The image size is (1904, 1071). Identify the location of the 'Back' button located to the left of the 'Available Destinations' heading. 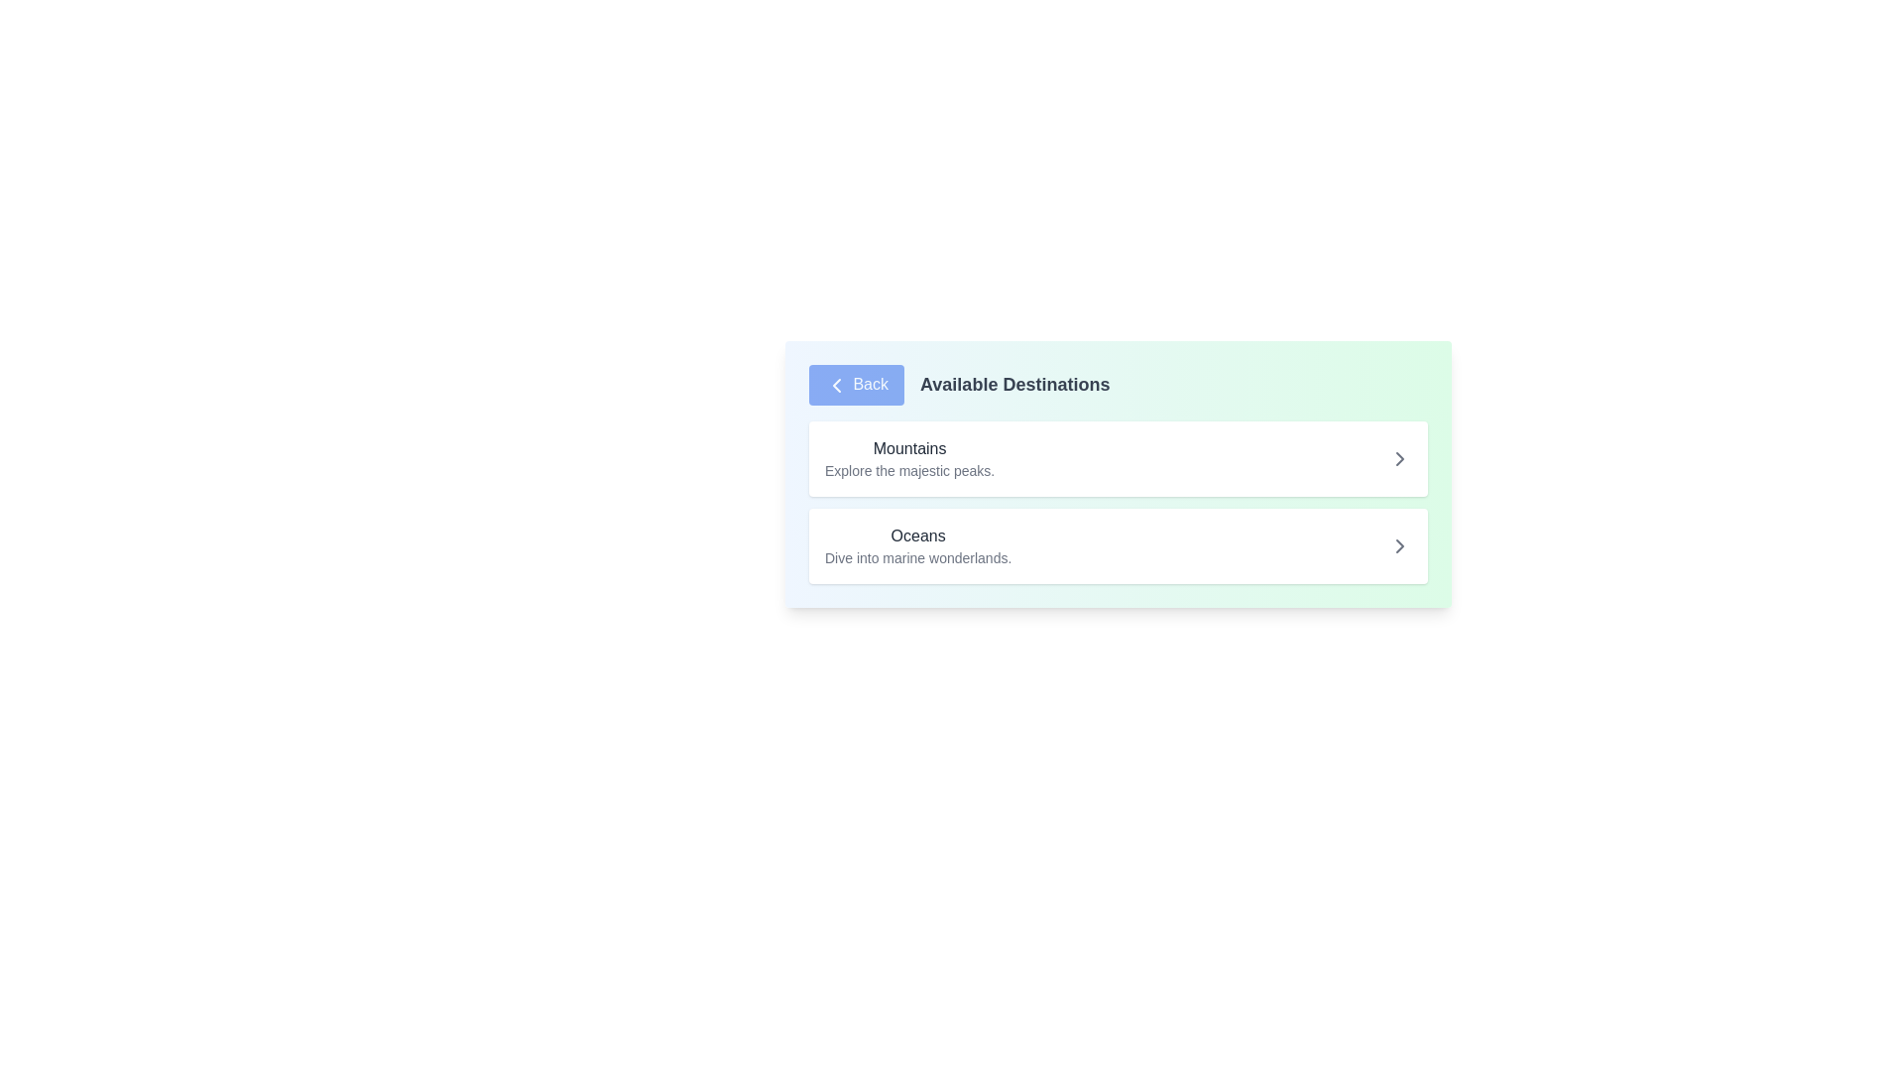
(857, 385).